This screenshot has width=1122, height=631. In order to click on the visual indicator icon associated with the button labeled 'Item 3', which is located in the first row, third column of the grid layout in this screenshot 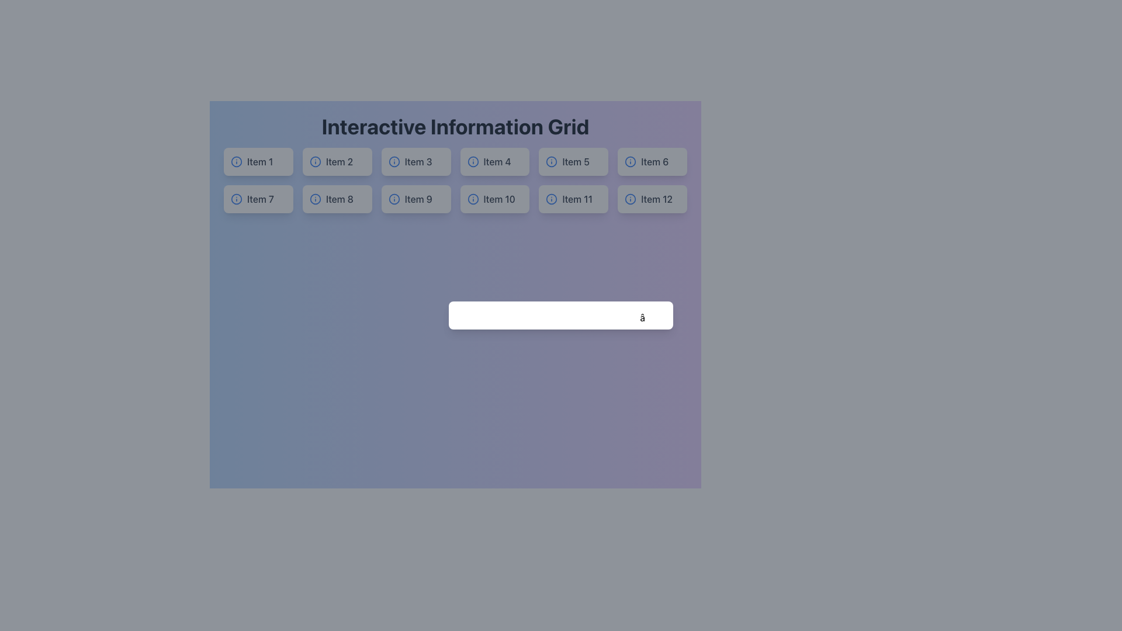, I will do `click(394, 162)`.